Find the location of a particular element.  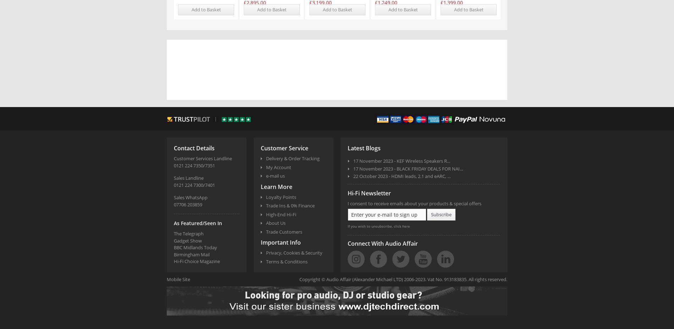

'Connect With Audio Affair' is located at coordinates (383, 243).